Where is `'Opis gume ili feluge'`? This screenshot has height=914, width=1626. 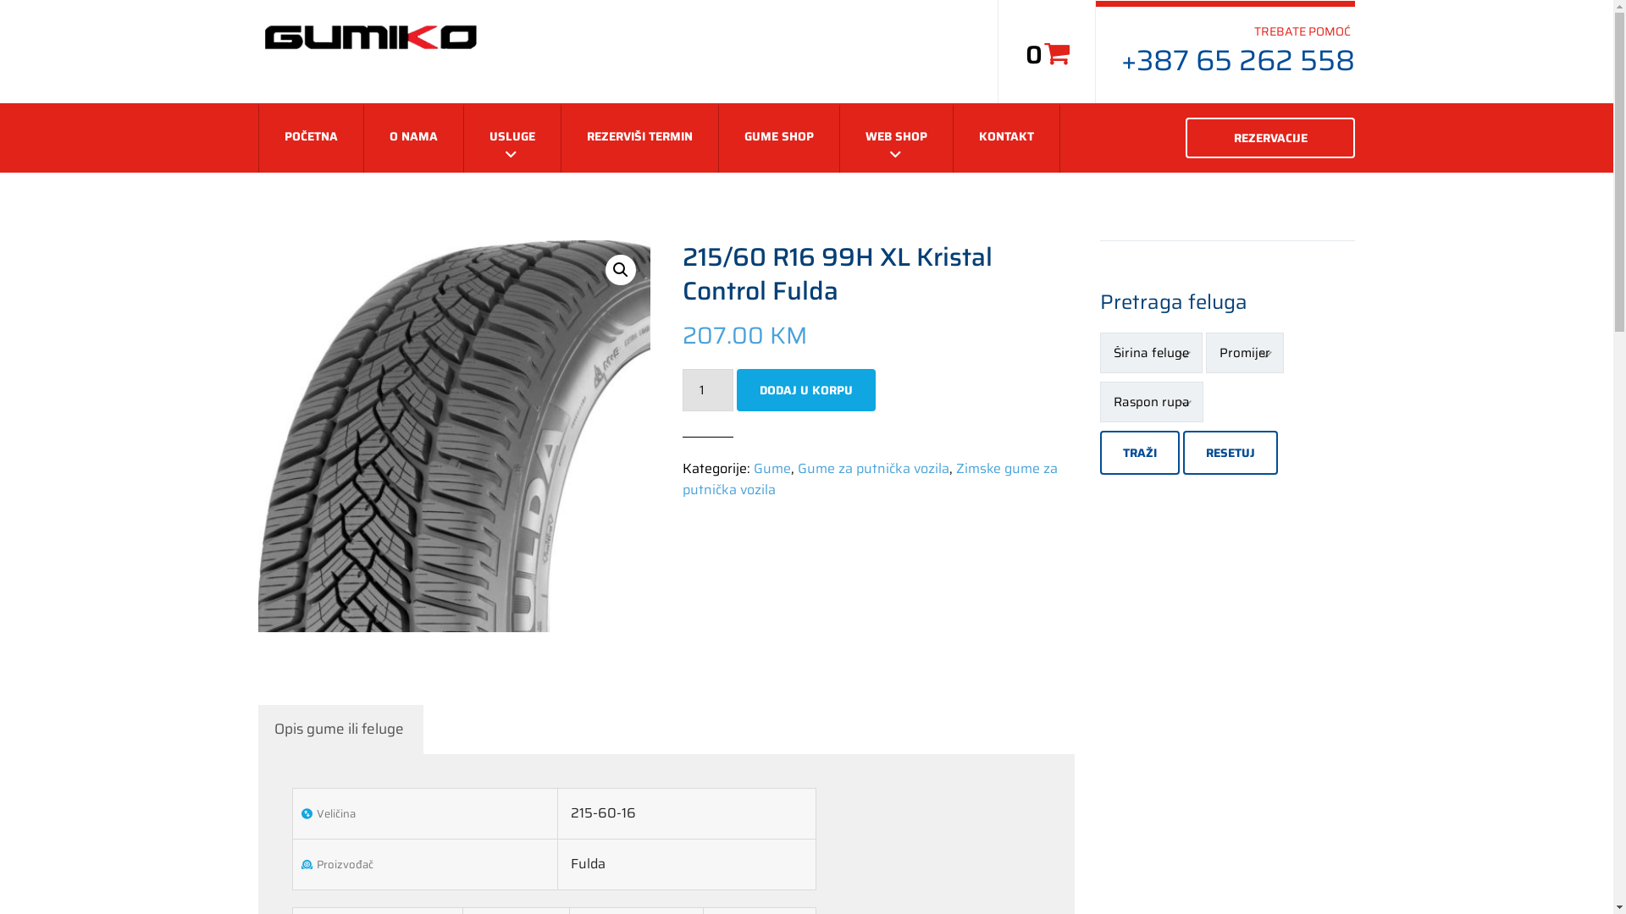
'Opis gume ili feluge' is located at coordinates (339, 728).